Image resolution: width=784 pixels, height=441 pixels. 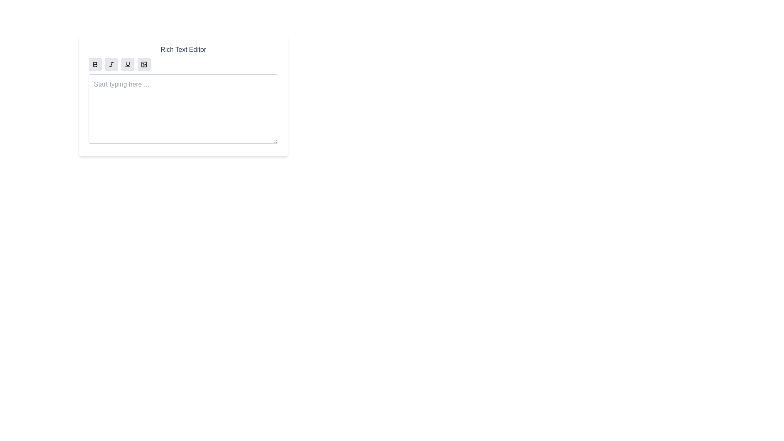 What do you see at coordinates (95, 64) in the screenshot?
I see `the first button from the left in the horizontal row of formatting buttons` at bounding box center [95, 64].